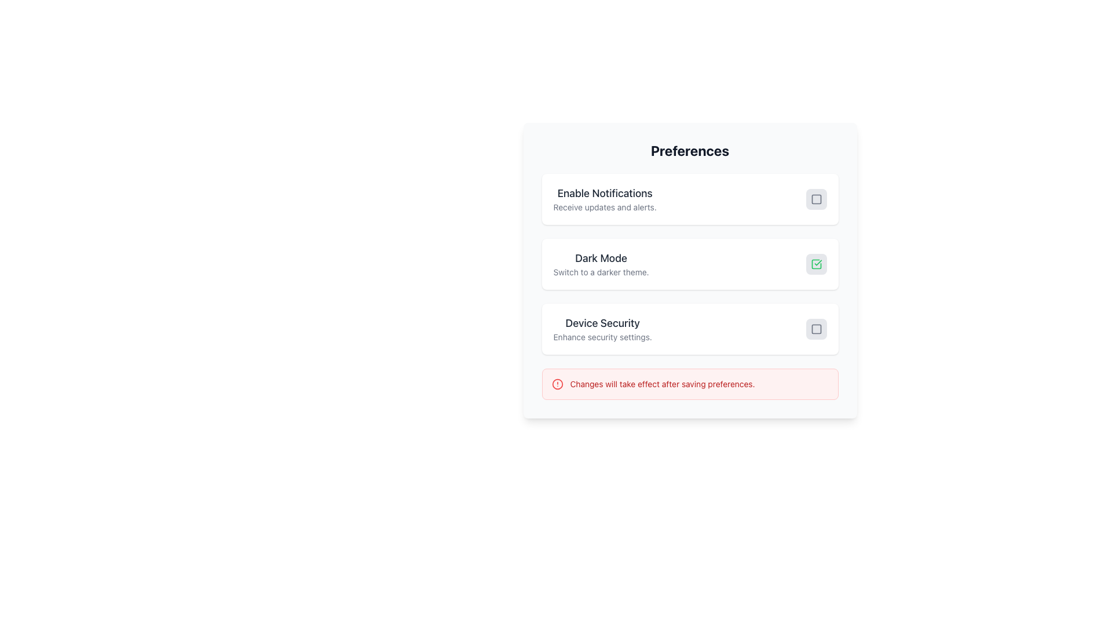 The width and height of the screenshot is (1112, 626). I want to click on the 'Device Security' text label, which serves as the title for the Device Security preference section, located in the third row of the preferences panel above the description 'Enhance security settings.', so click(602, 323).